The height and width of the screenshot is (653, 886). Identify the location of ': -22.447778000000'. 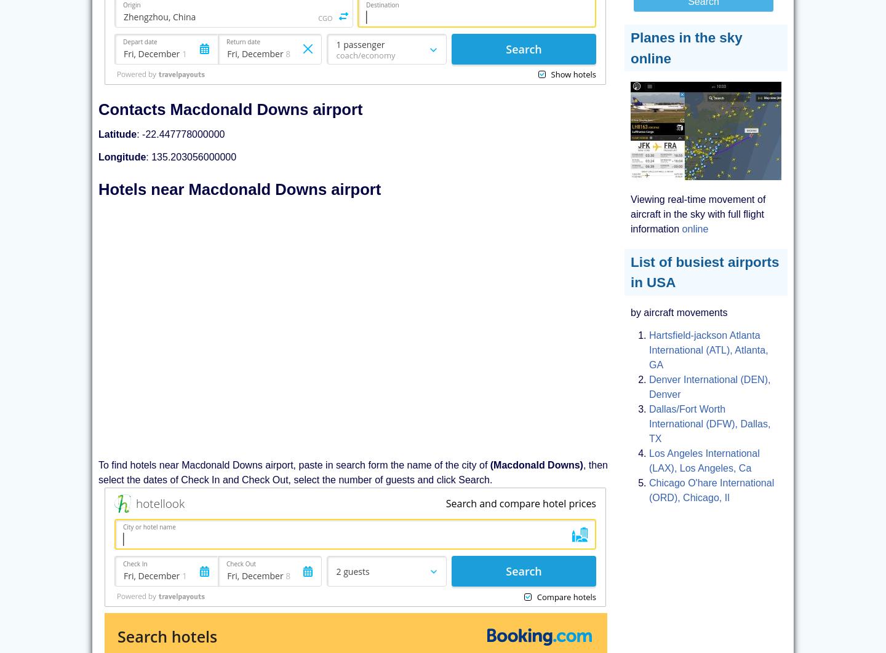
(180, 134).